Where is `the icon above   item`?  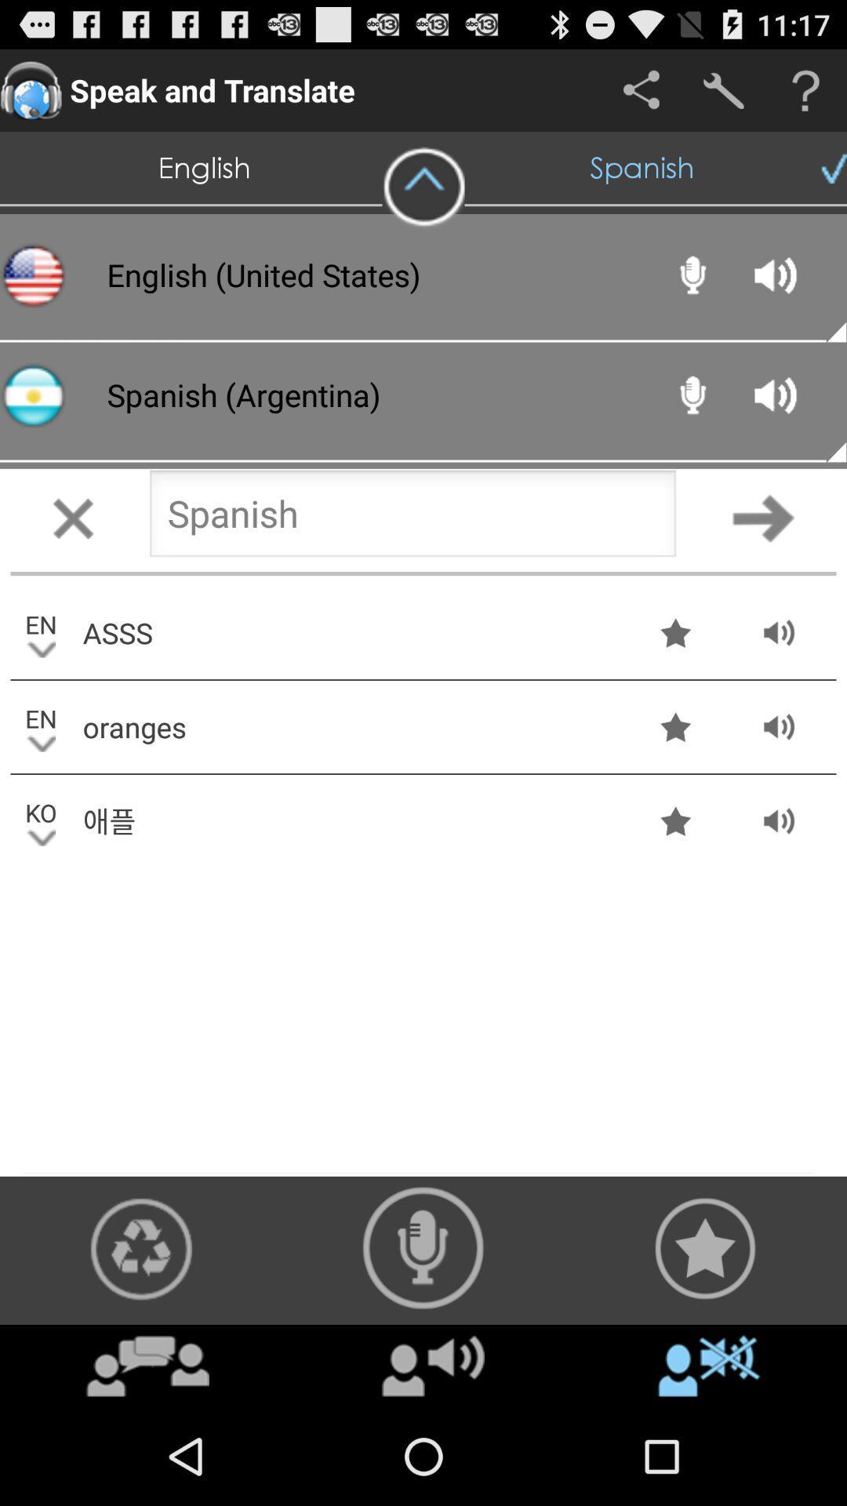
the icon above   item is located at coordinates (423, 1247).